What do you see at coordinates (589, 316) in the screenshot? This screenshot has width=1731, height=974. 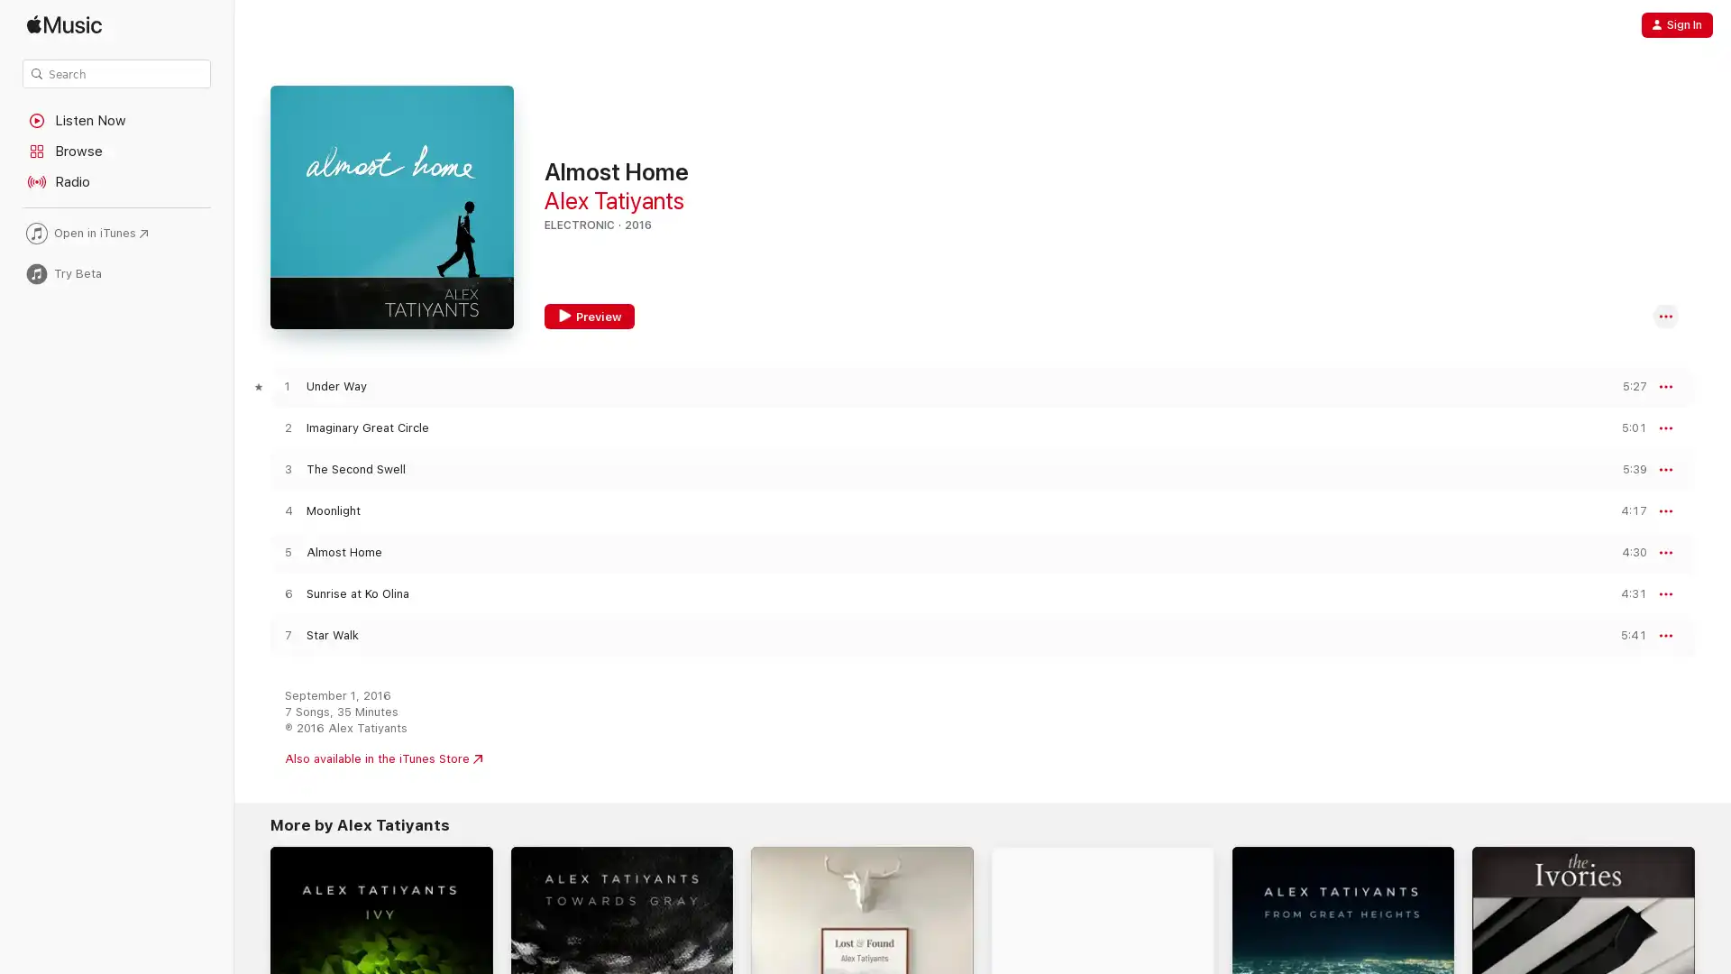 I see `Preview` at bounding box center [589, 316].